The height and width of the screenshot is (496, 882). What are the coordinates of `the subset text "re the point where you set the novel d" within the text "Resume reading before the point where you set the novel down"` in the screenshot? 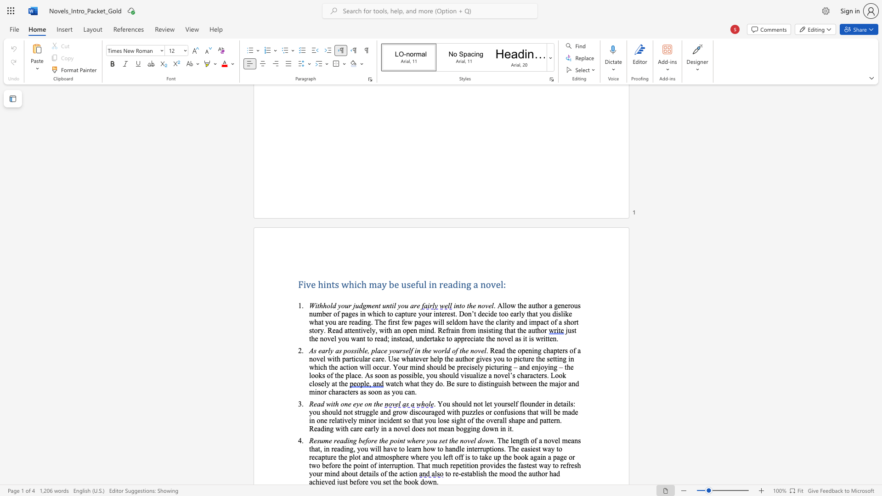 It's located at (371, 440).